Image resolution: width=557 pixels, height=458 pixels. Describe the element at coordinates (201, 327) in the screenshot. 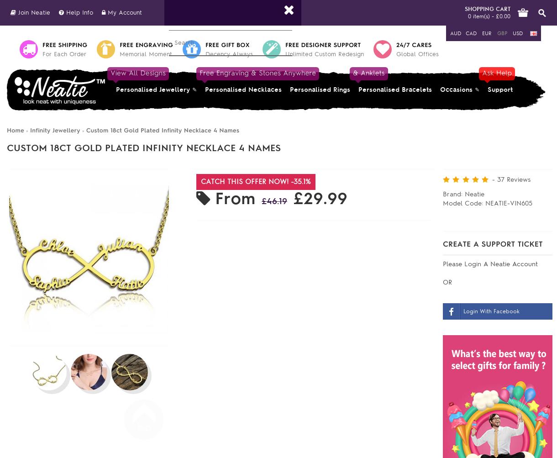

I see `'Select your Material'` at that location.